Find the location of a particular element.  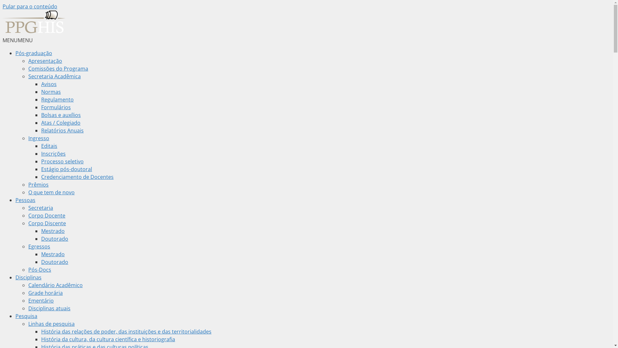

'Corpo Docente' is located at coordinates (46, 215).